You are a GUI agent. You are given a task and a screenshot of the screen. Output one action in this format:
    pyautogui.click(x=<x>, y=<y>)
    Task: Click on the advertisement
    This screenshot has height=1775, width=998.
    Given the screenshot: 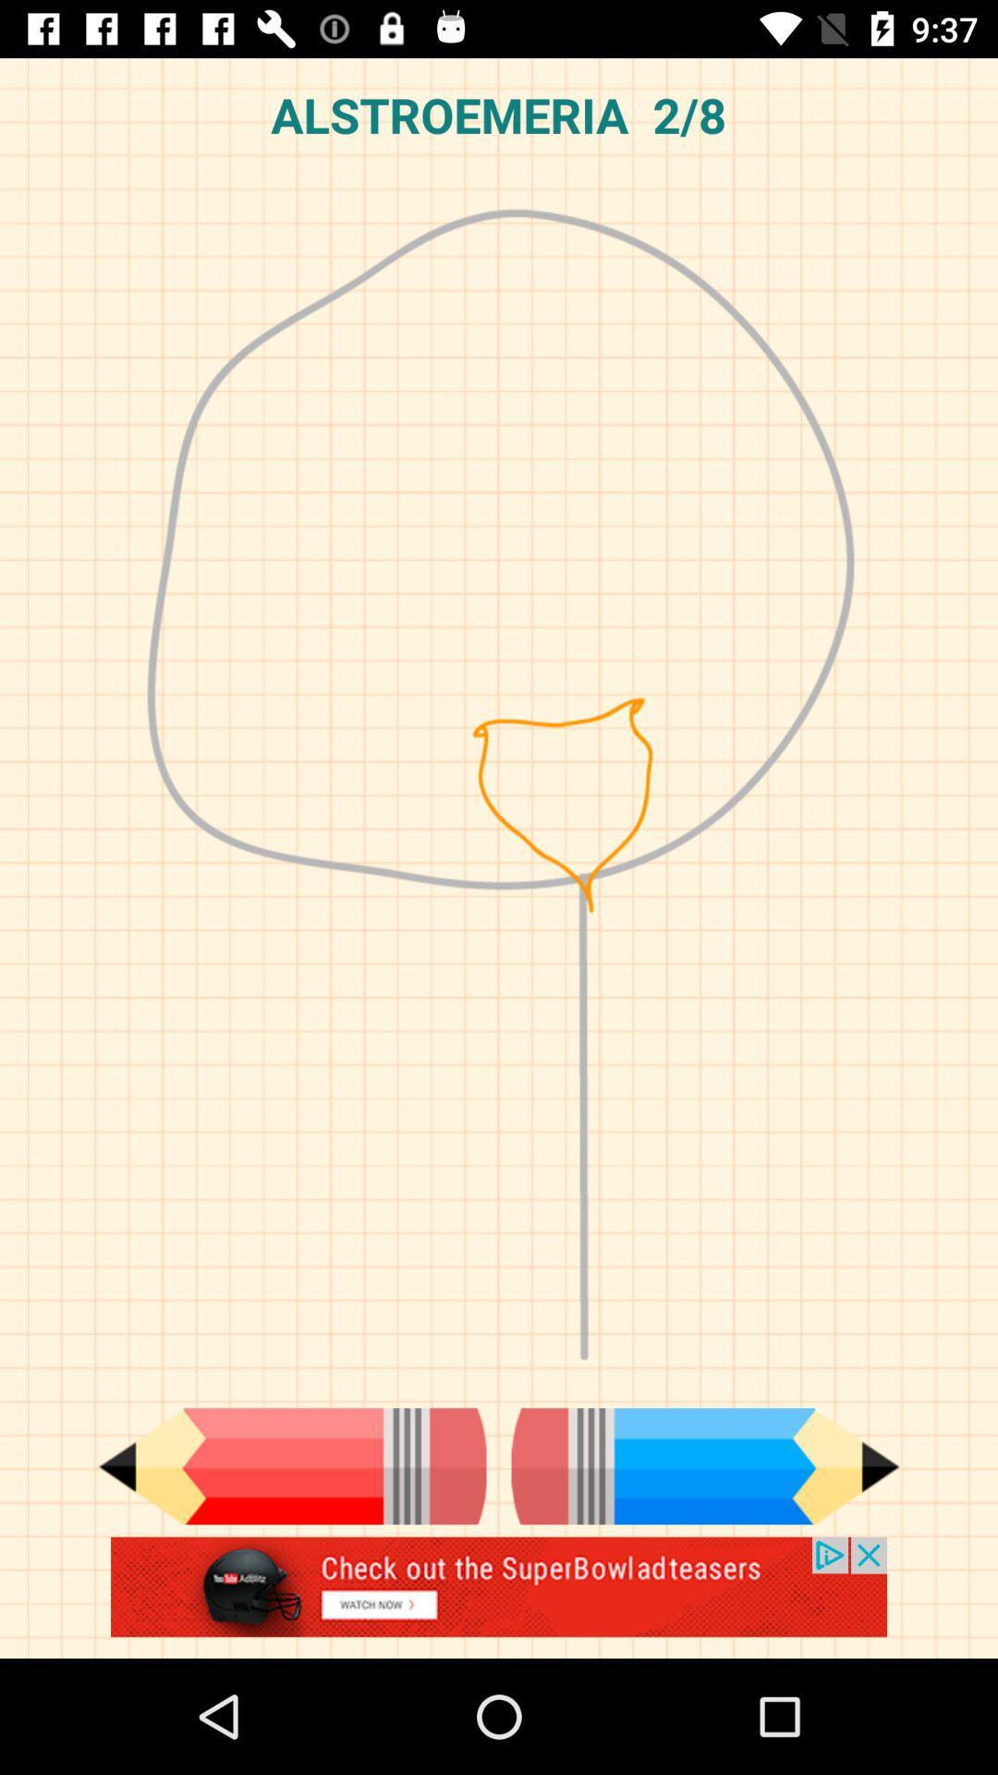 What is the action you would take?
    pyautogui.click(x=499, y=1597)
    